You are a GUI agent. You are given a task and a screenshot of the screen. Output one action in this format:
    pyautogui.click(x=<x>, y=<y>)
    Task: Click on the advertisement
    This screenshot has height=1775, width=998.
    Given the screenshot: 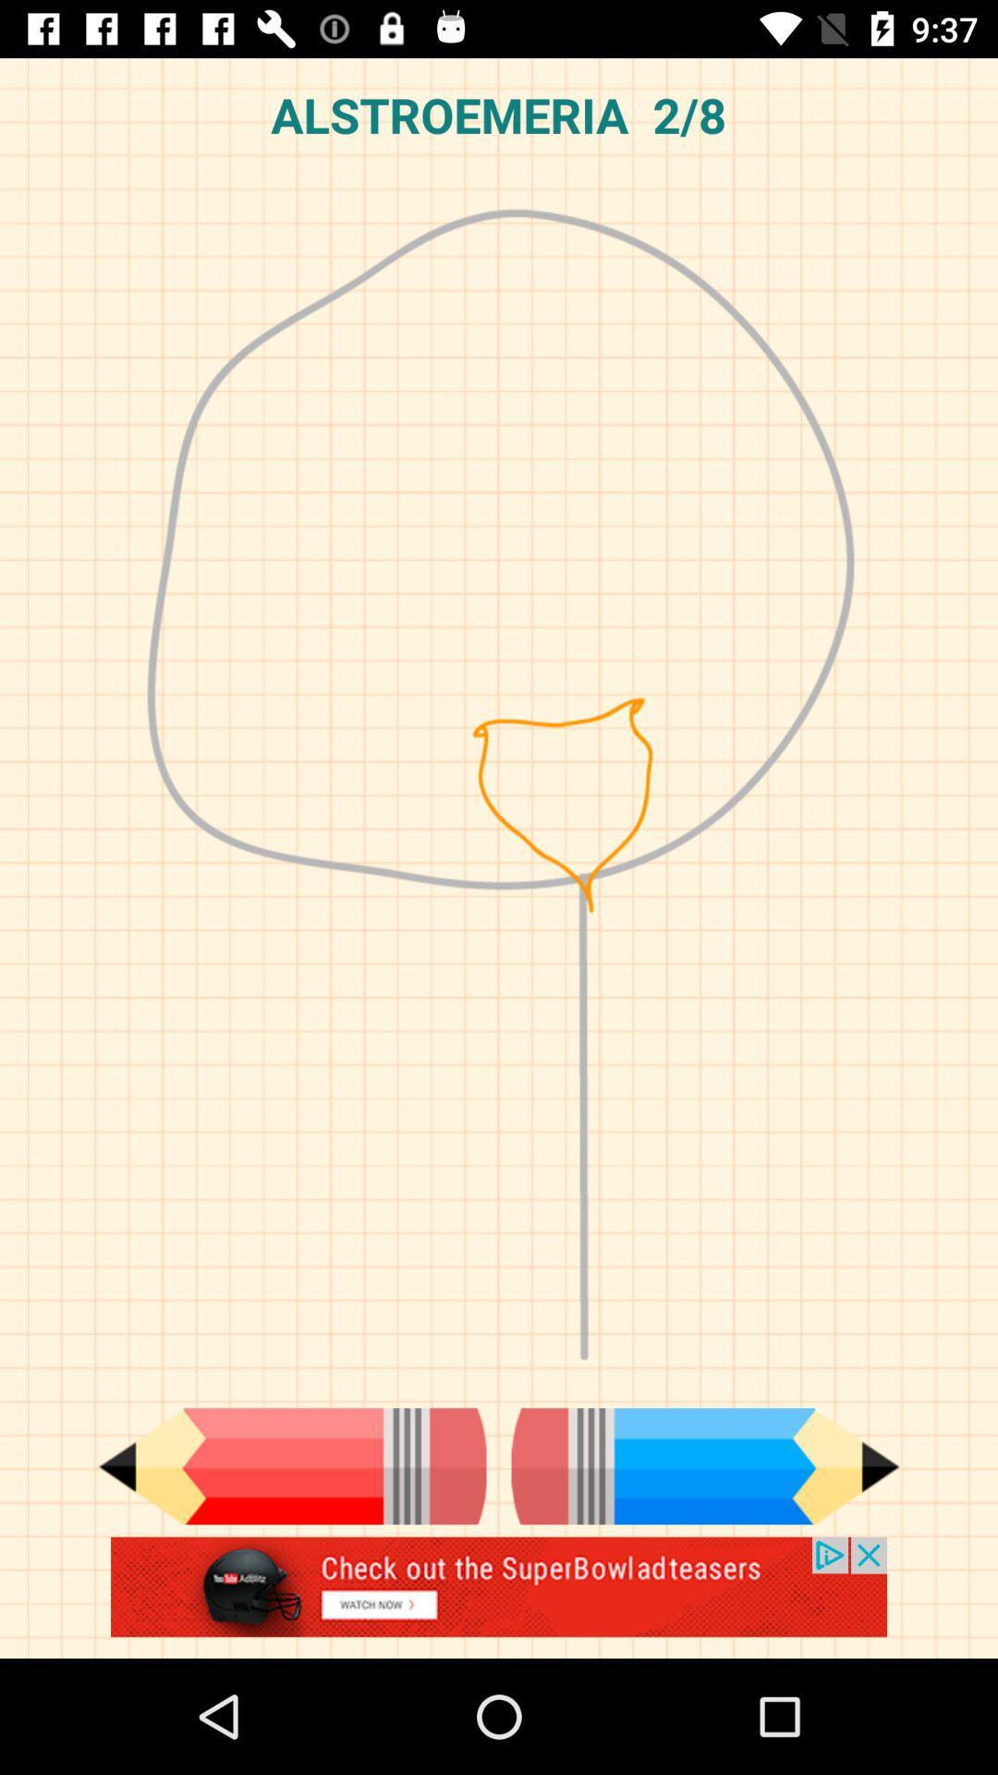 What is the action you would take?
    pyautogui.click(x=499, y=1597)
    